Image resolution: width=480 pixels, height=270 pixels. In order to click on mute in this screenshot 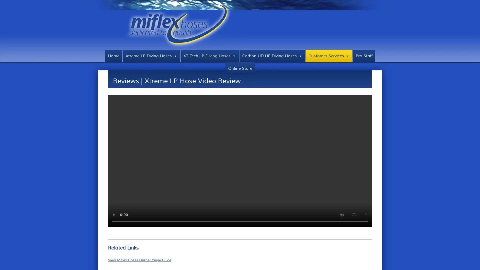, I will do `click(342, 214)`.